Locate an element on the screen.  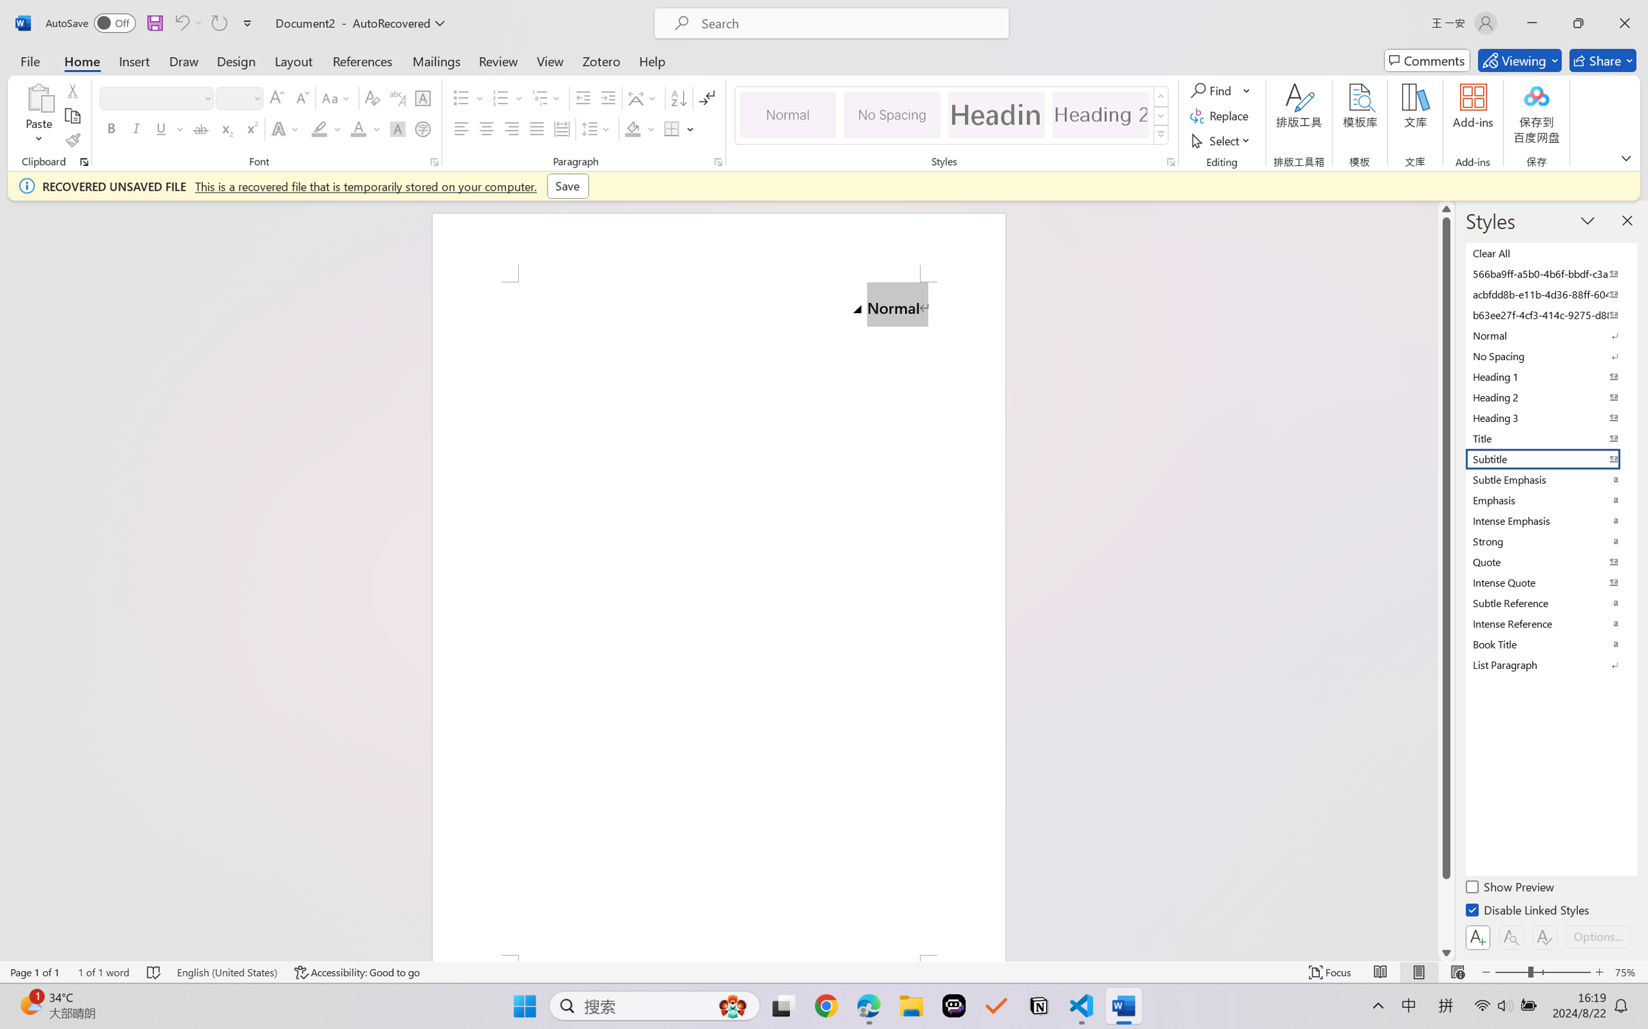
'Change Case' is located at coordinates (336, 98).